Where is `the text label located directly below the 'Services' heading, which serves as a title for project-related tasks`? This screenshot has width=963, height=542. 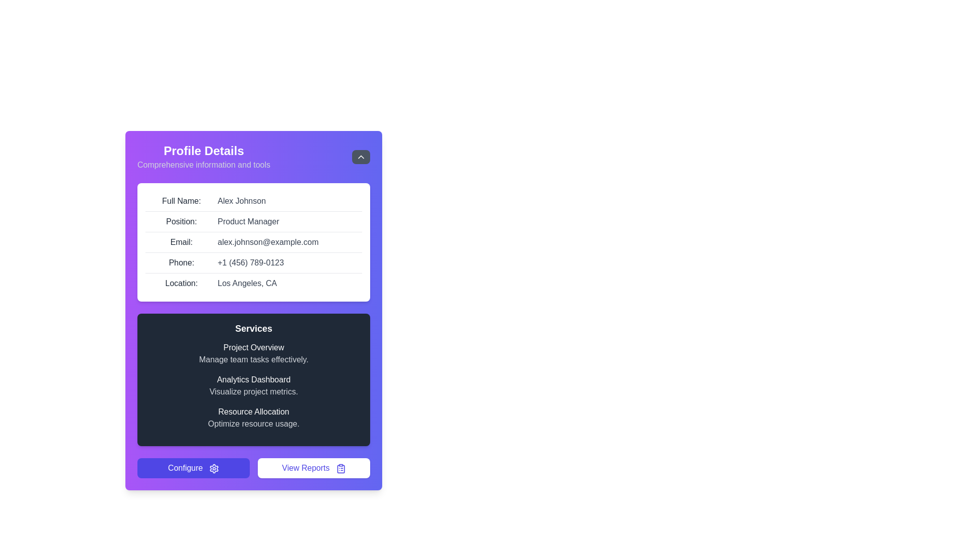
the text label located directly below the 'Services' heading, which serves as a title for project-related tasks is located at coordinates (253, 347).